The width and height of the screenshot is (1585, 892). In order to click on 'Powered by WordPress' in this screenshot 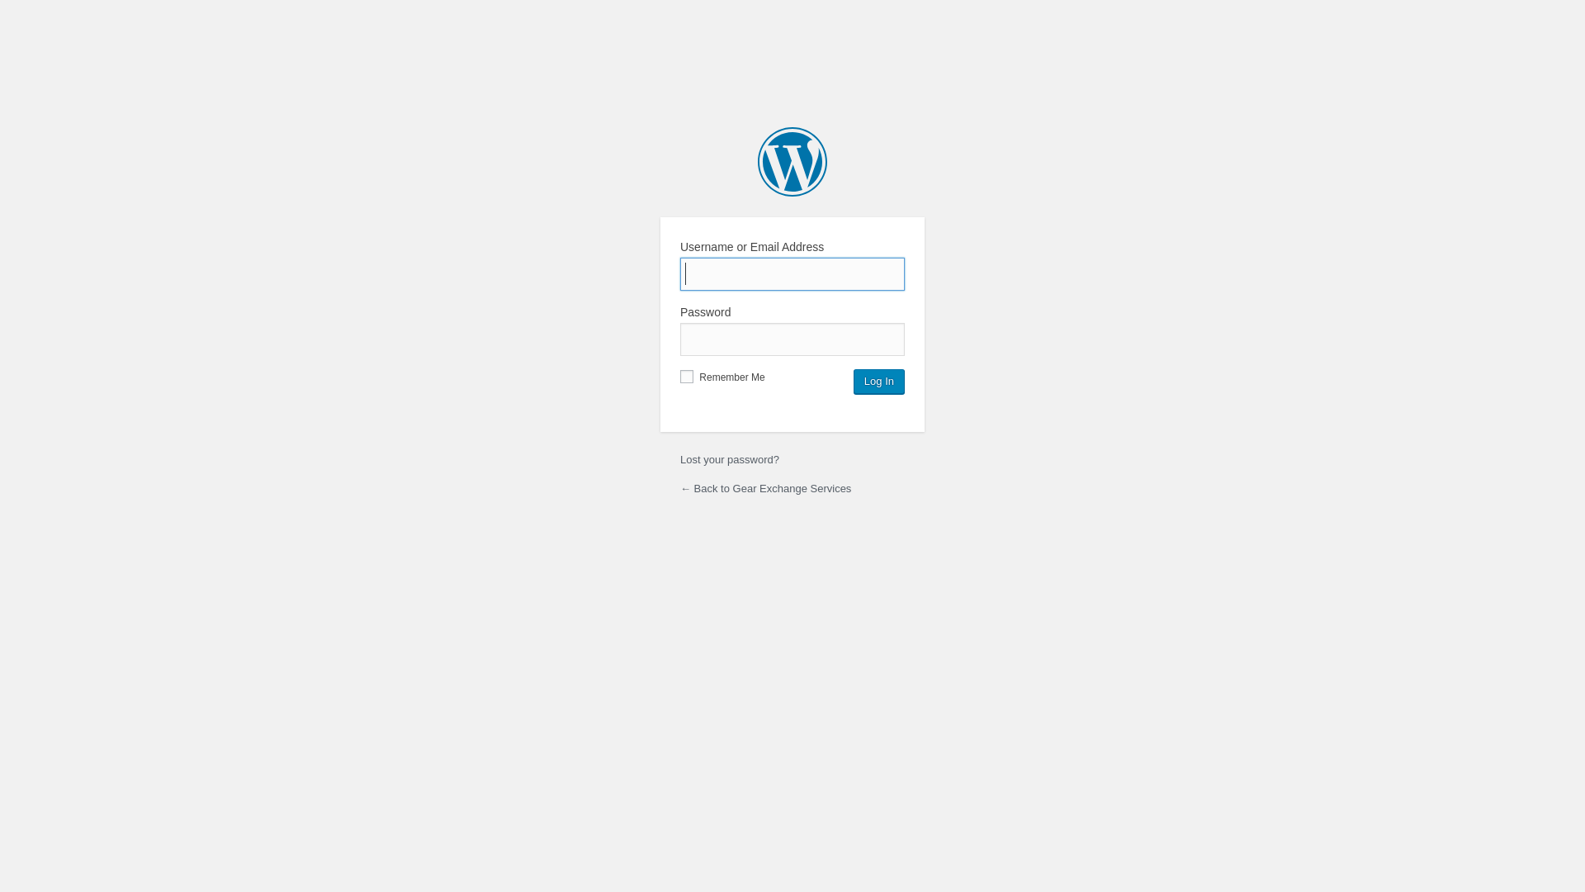, I will do `click(792, 162)`.